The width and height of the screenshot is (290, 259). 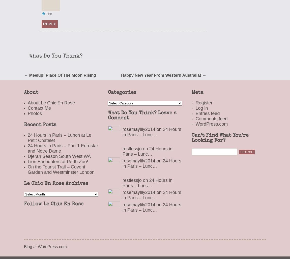 I want to click on '24 Hours in Paris – Part 1 Eurostar and Notre Dame', so click(x=63, y=148).